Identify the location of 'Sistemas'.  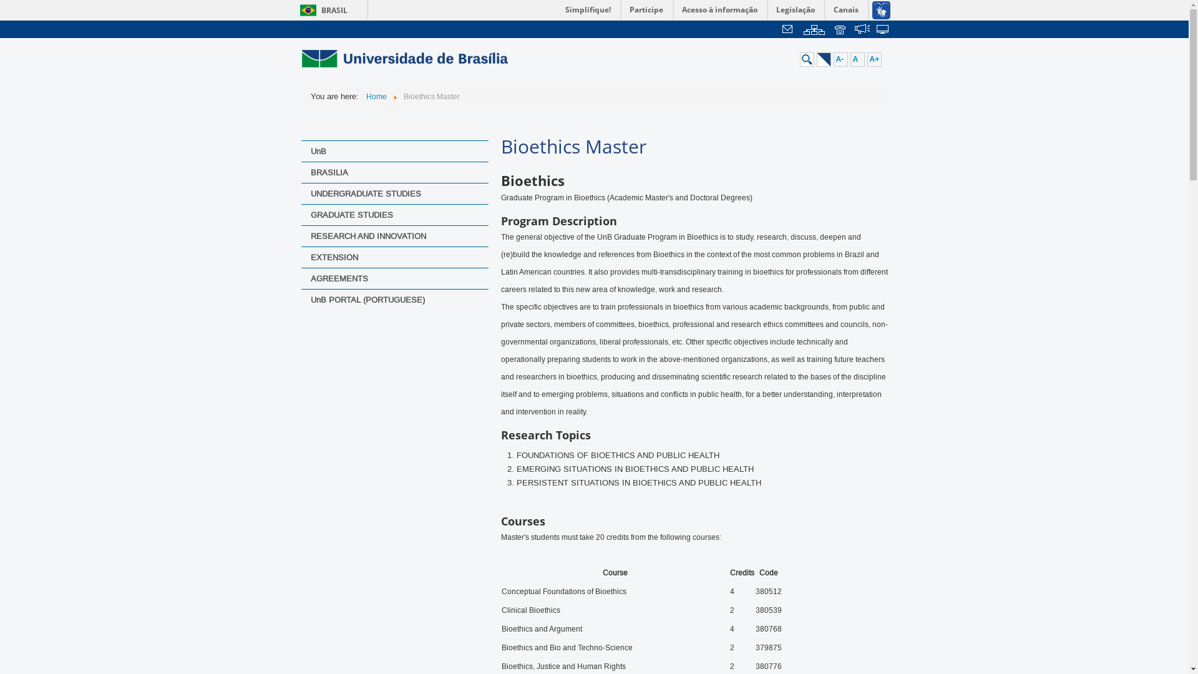
(883, 30).